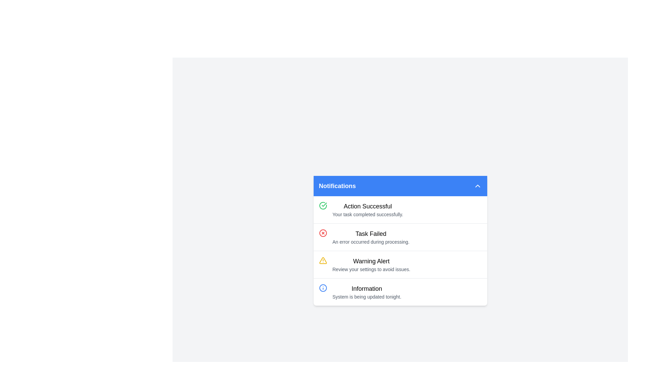 The height and width of the screenshot is (366, 651). I want to click on success confirmation message displayed in the first notification under the blue header labeled 'Notifications', which follows a green circular icon with a check mark, so click(367, 209).